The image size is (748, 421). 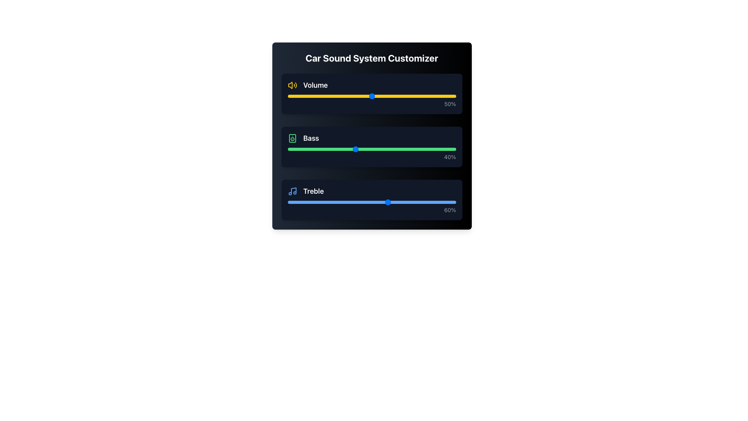 What do you see at coordinates (340, 202) in the screenshot?
I see `the treble level` at bounding box center [340, 202].